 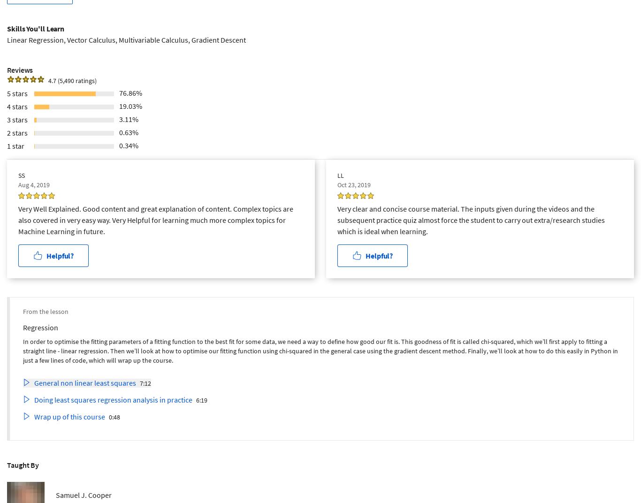 I want to click on 'Very clear and concise course material. The inputs given during the videos and the subsequent practice quiz almost force the student to carry out extra/research studies which is ideal when learning.', so click(x=471, y=219).